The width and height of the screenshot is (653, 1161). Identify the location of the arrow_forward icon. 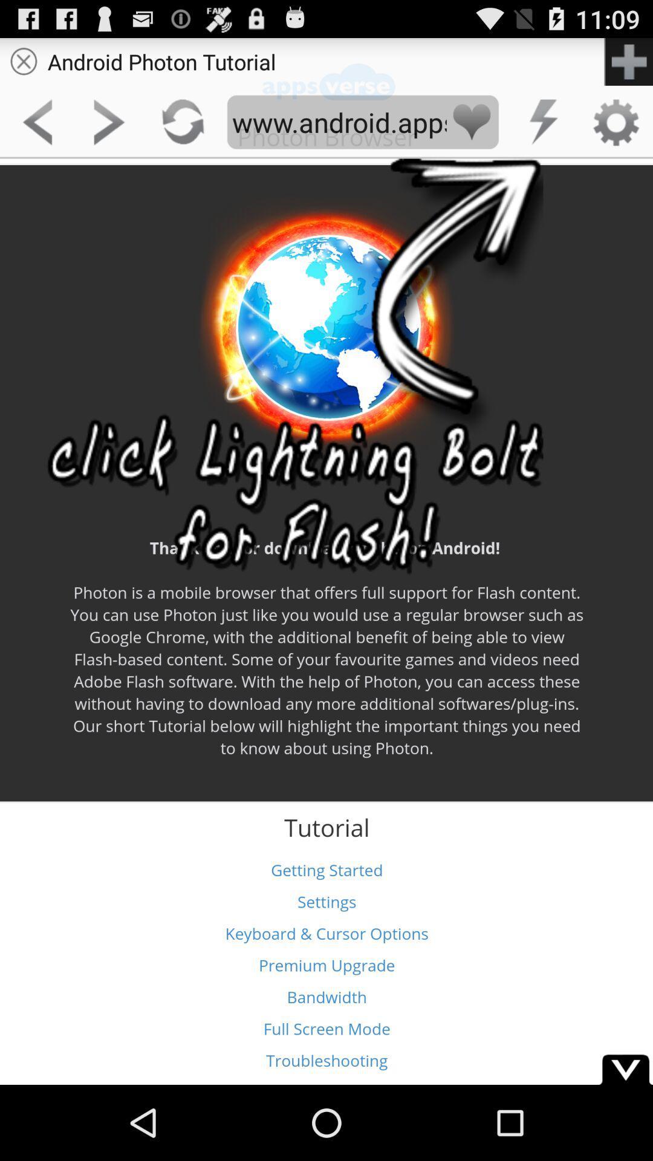
(109, 131).